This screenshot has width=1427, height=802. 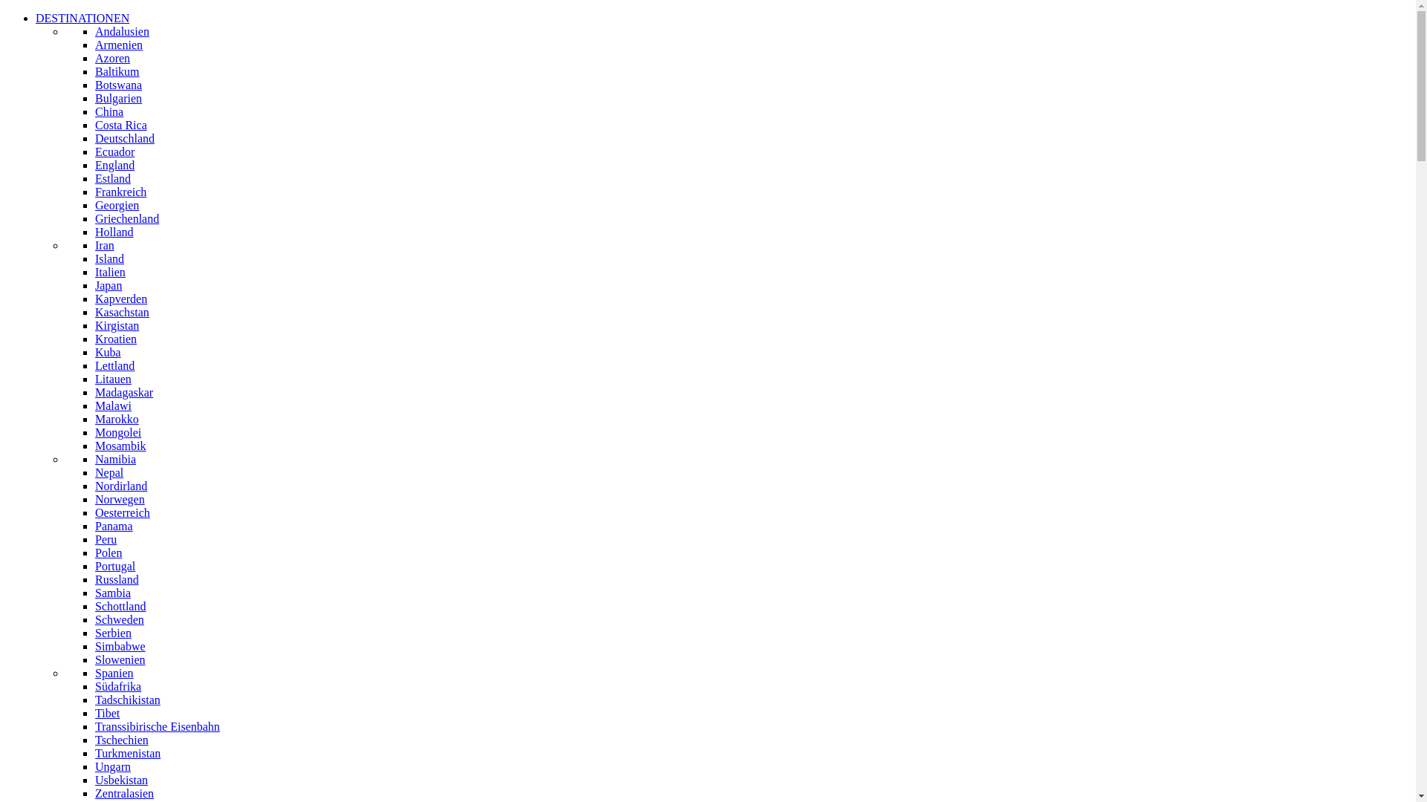 I want to click on 'Ungarn', so click(x=94, y=766).